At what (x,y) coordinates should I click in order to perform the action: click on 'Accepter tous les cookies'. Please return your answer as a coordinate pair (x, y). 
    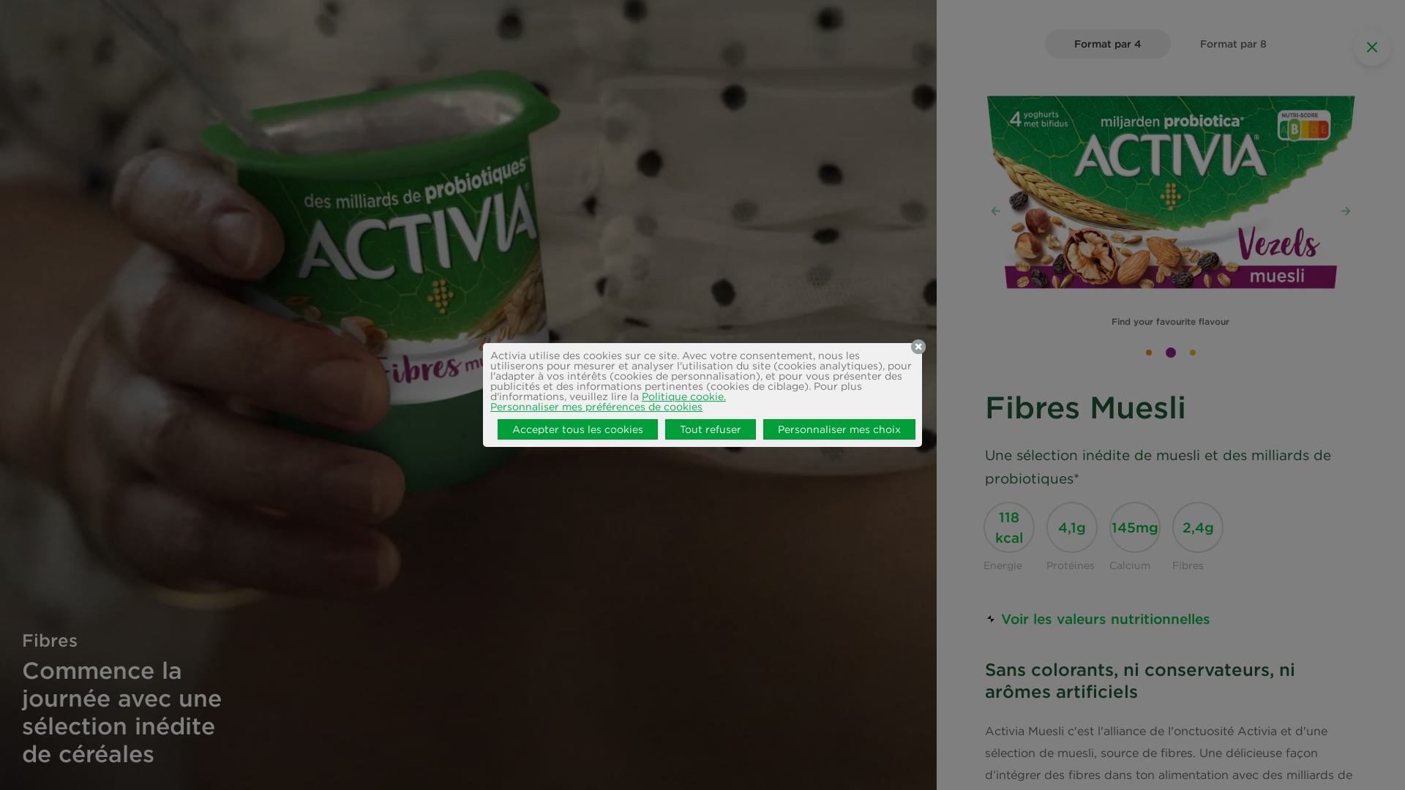
    Looking at the image, I should click on (577, 428).